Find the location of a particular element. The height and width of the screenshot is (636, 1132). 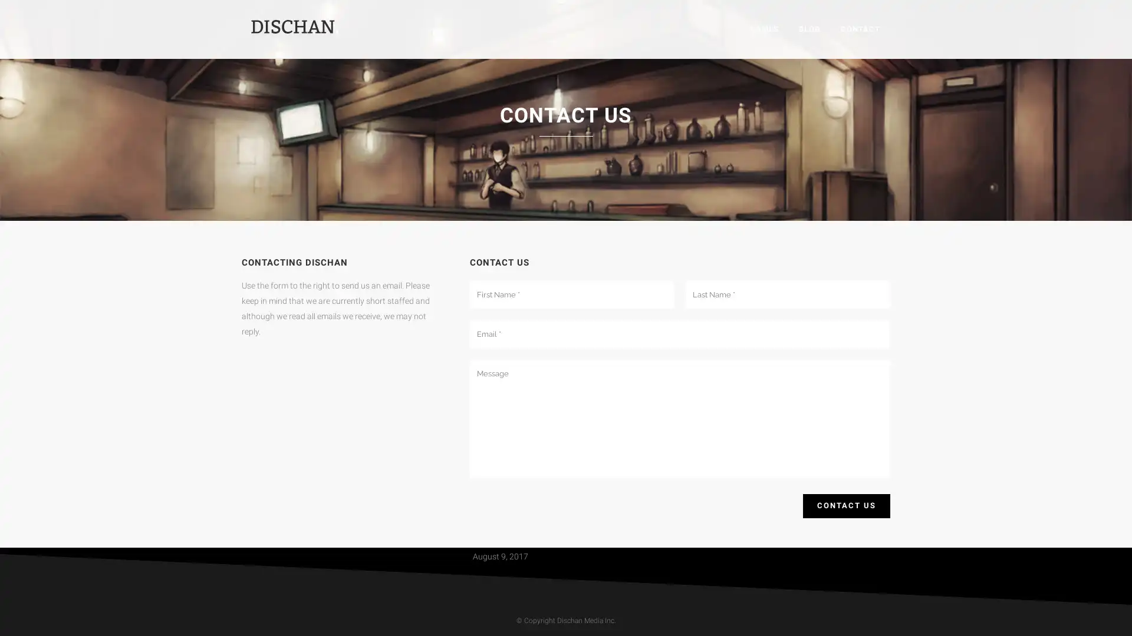

Contact Us is located at coordinates (845, 505).